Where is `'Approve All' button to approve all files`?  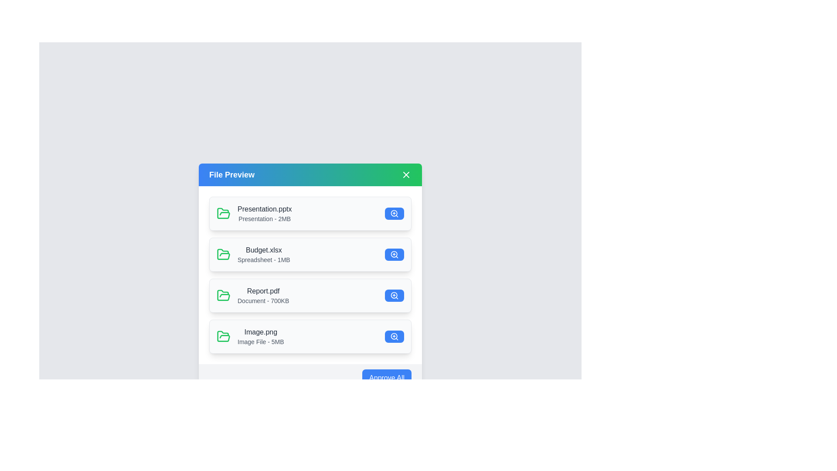
'Approve All' button to approve all files is located at coordinates (386, 378).